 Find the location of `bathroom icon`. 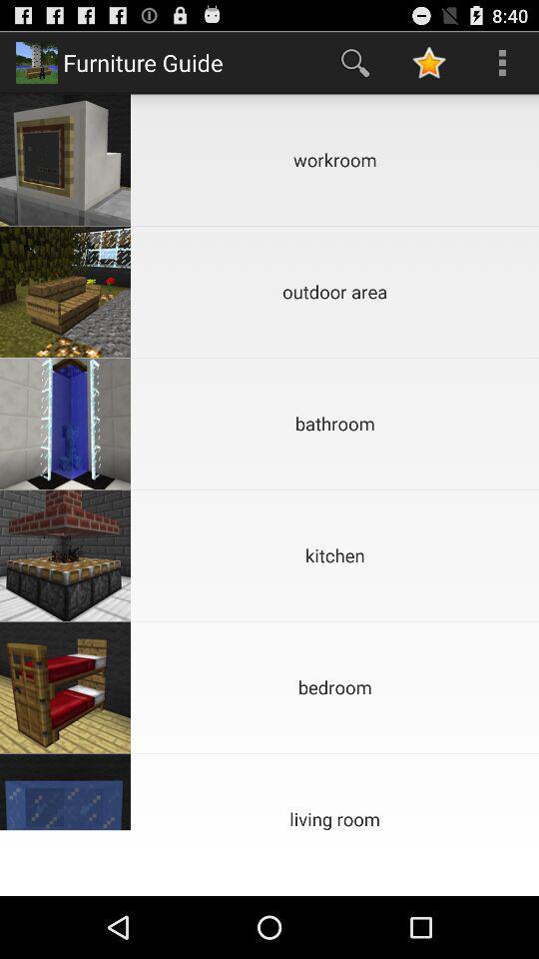

bathroom icon is located at coordinates (334, 424).